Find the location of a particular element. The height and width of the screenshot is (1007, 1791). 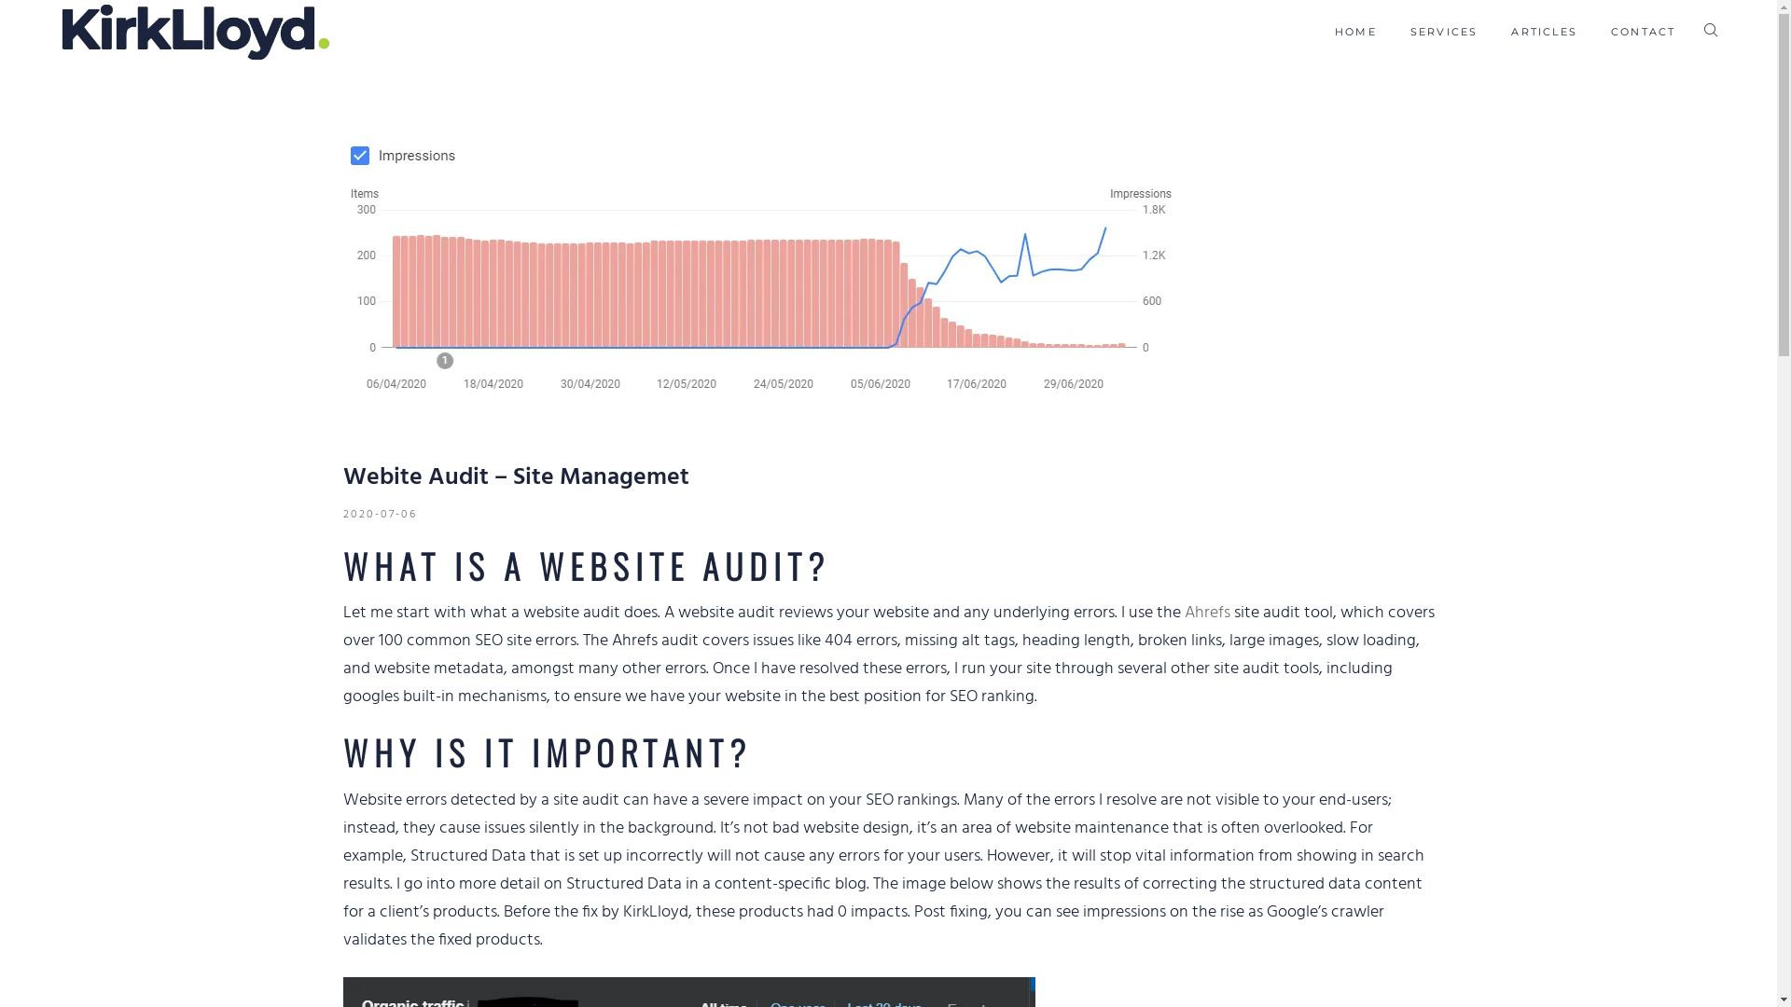

'ARTICLES' is located at coordinates (1511, 32).